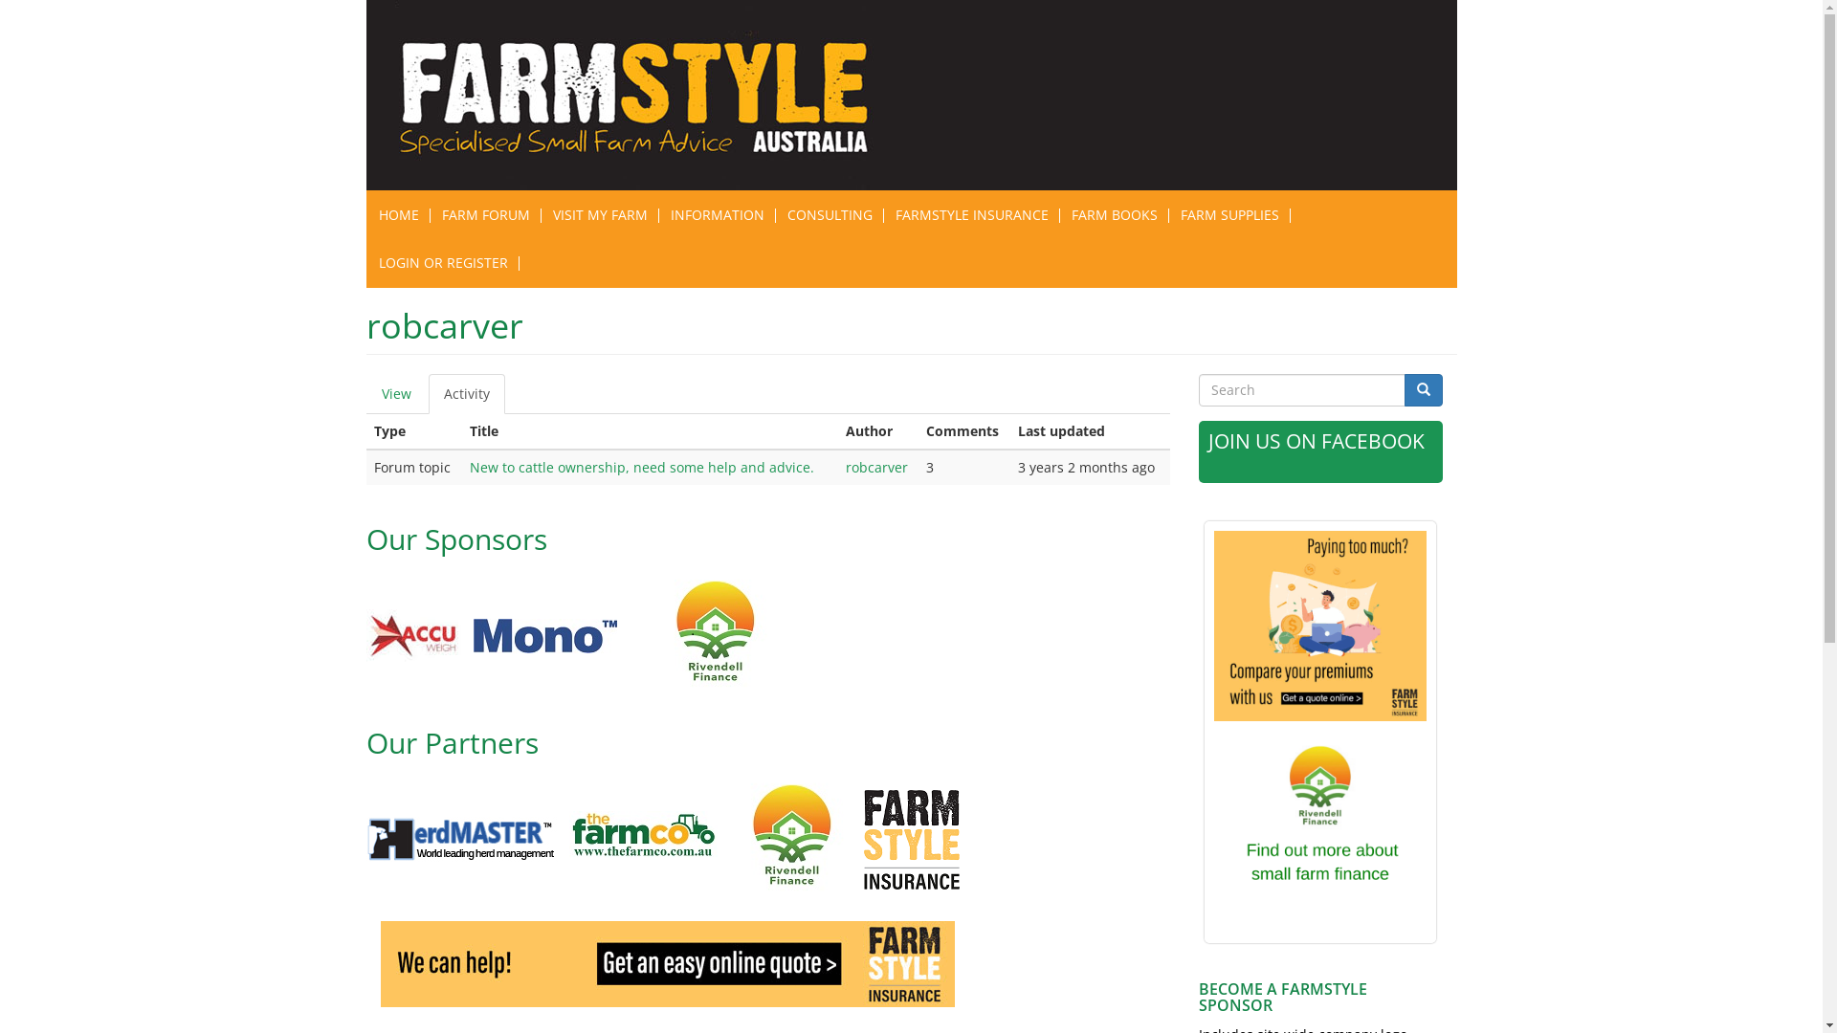  I want to click on 'Home', so click(646, 95).